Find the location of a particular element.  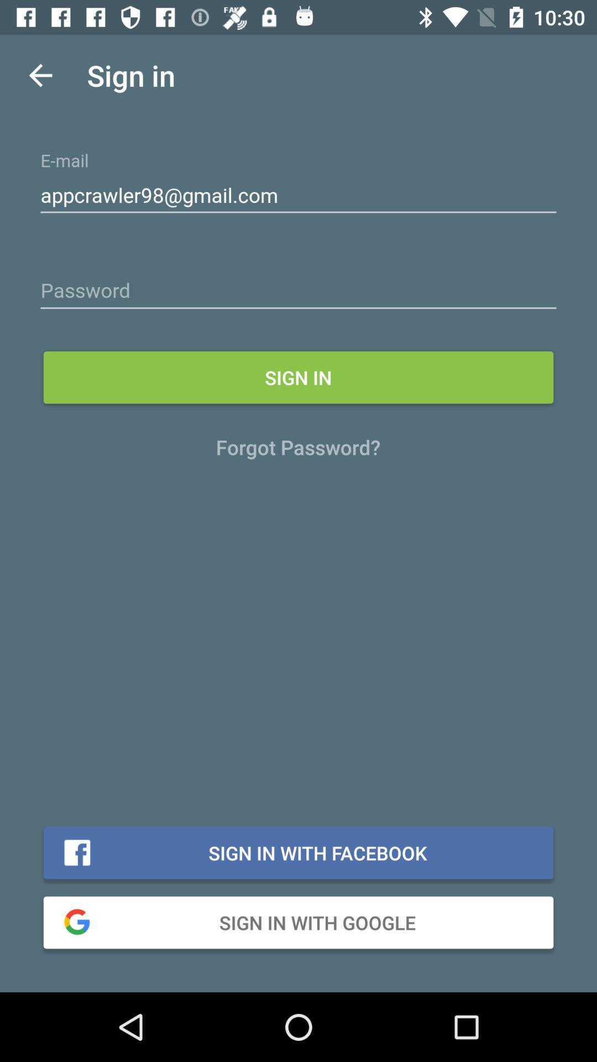

password is located at coordinates (298, 291).